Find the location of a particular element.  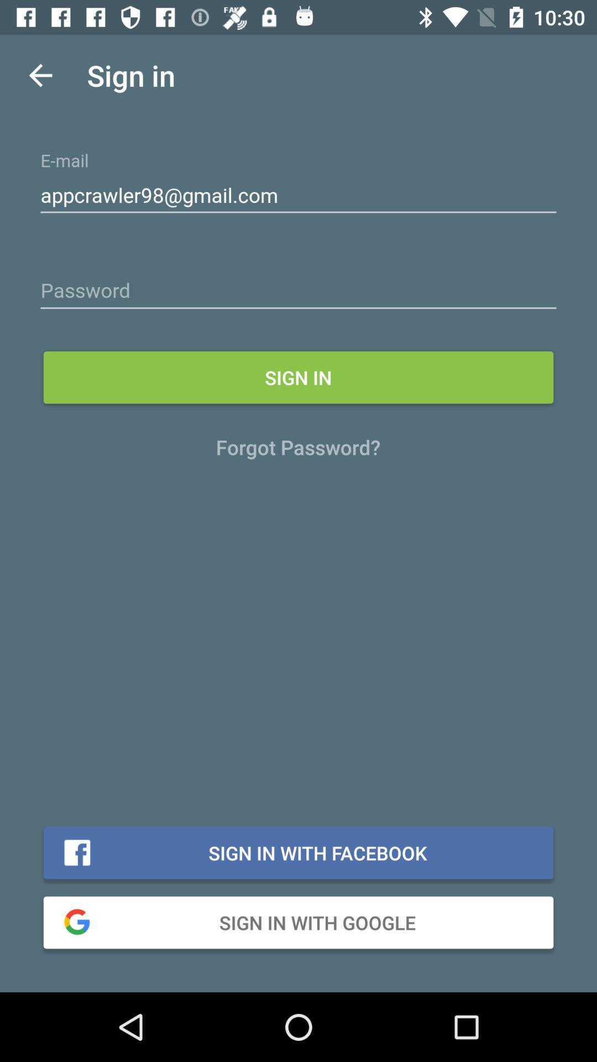

password is located at coordinates (298, 291).